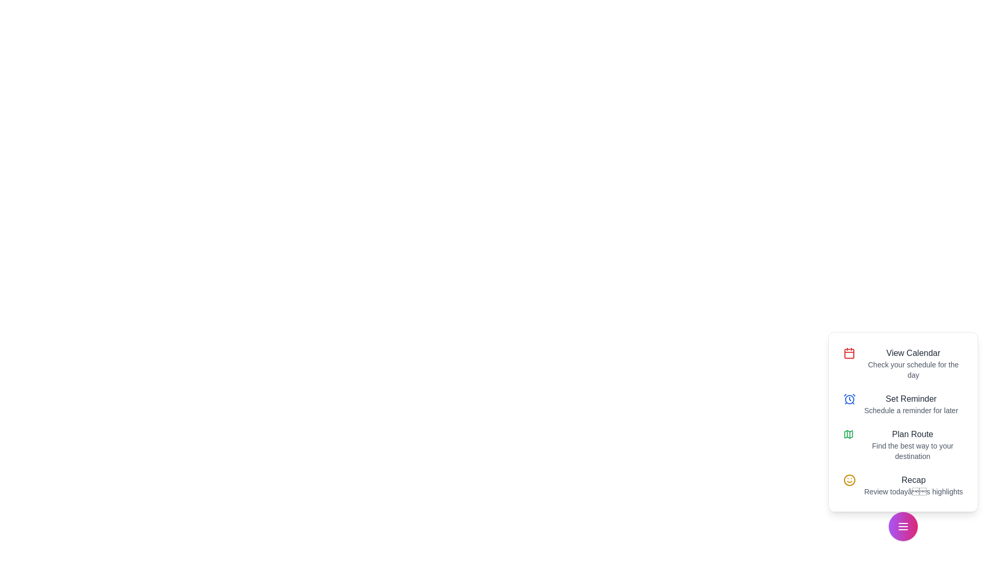  What do you see at coordinates (903, 526) in the screenshot?
I see `the speed dial button to toggle the menu state` at bounding box center [903, 526].